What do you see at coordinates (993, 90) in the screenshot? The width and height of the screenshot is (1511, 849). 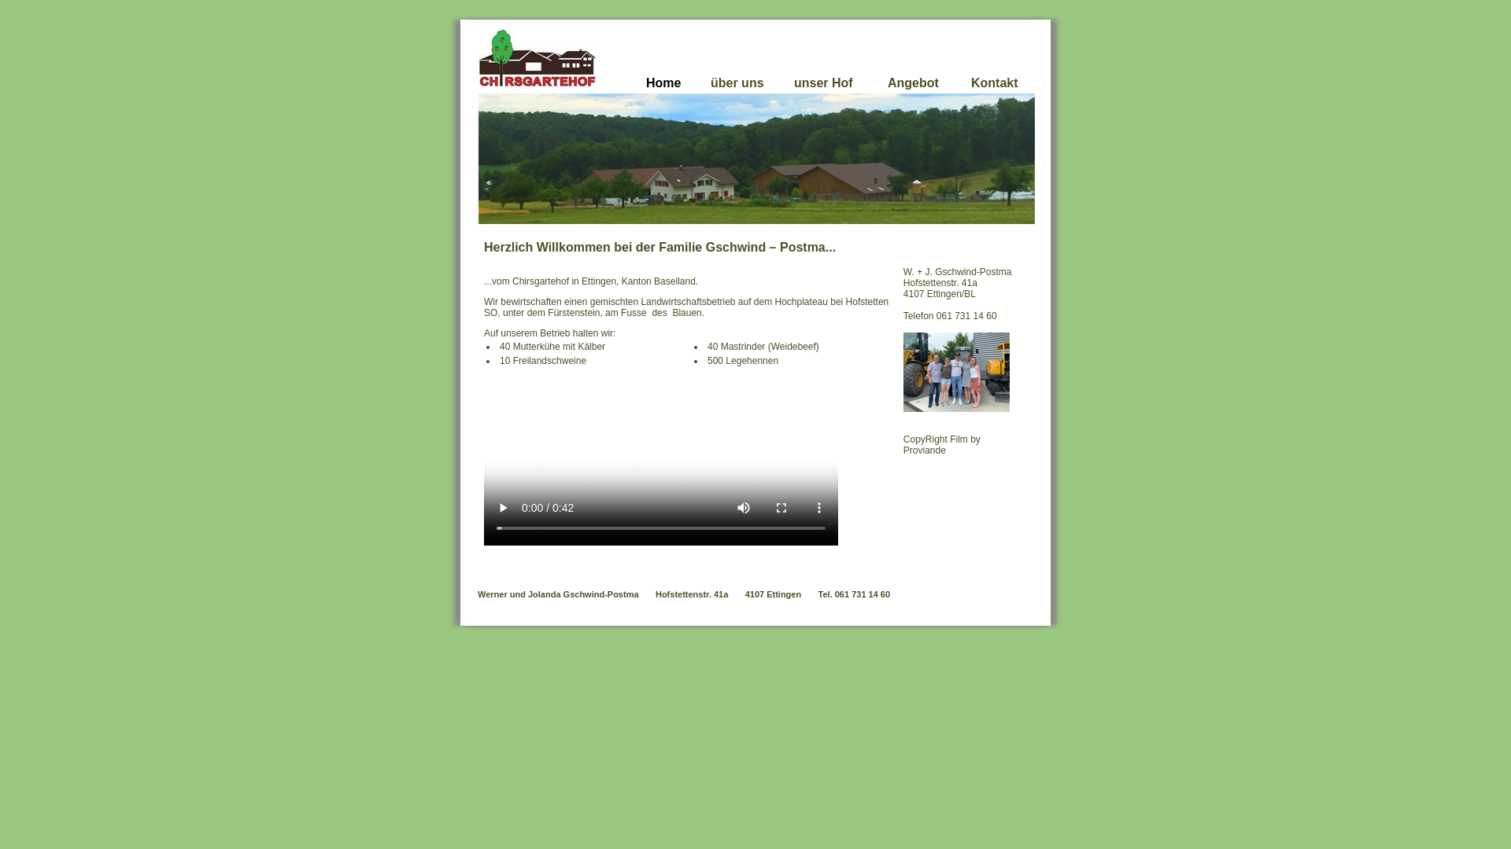 I see `'Kontakt'` at bounding box center [993, 90].